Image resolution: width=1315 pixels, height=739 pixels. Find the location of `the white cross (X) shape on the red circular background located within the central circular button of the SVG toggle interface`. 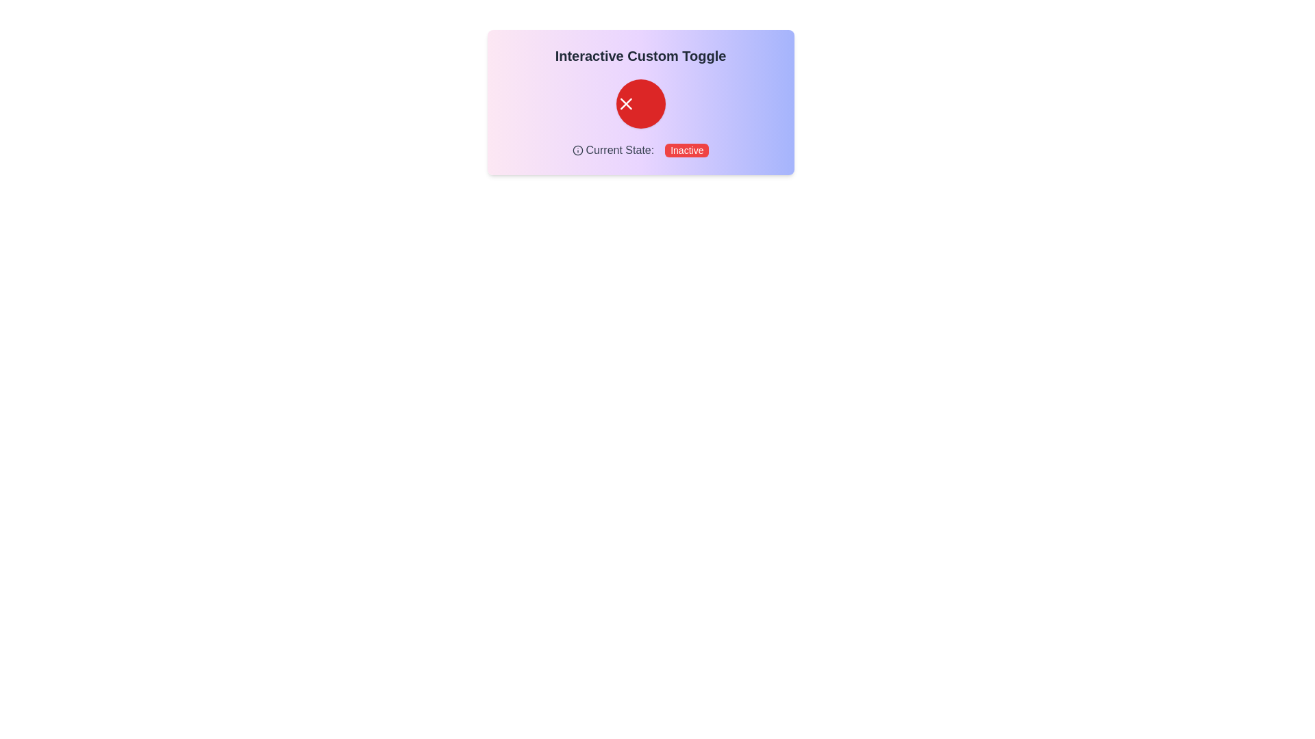

the white cross (X) shape on the red circular background located within the central circular button of the SVG toggle interface is located at coordinates (625, 103).